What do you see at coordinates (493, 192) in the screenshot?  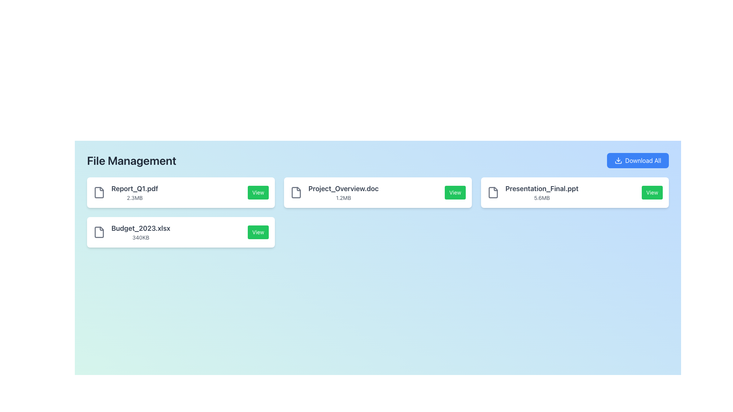 I see `the icon representing the presentation file 'Presentation_Final.ppt', located in the last column of the file list, to the left of the file's name and size text` at bounding box center [493, 192].